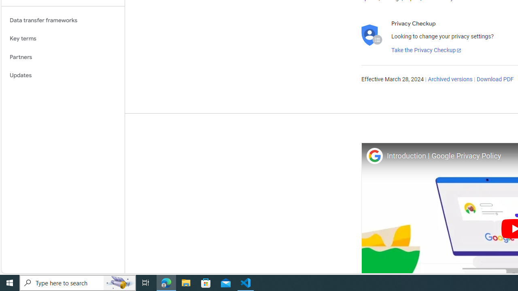 The width and height of the screenshot is (518, 291). What do you see at coordinates (63, 57) in the screenshot?
I see `'Partners'` at bounding box center [63, 57].